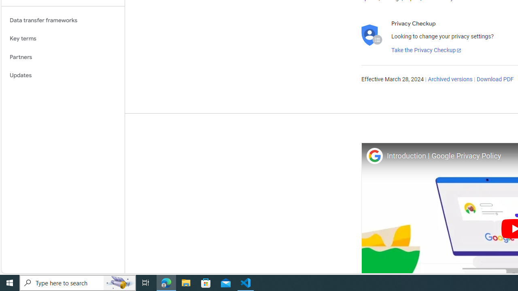 The width and height of the screenshot is (518, 291). What do you see at coordinates (63, 57) in the screenshot?
I see `'Partners'` at bounding box center [63, 57].